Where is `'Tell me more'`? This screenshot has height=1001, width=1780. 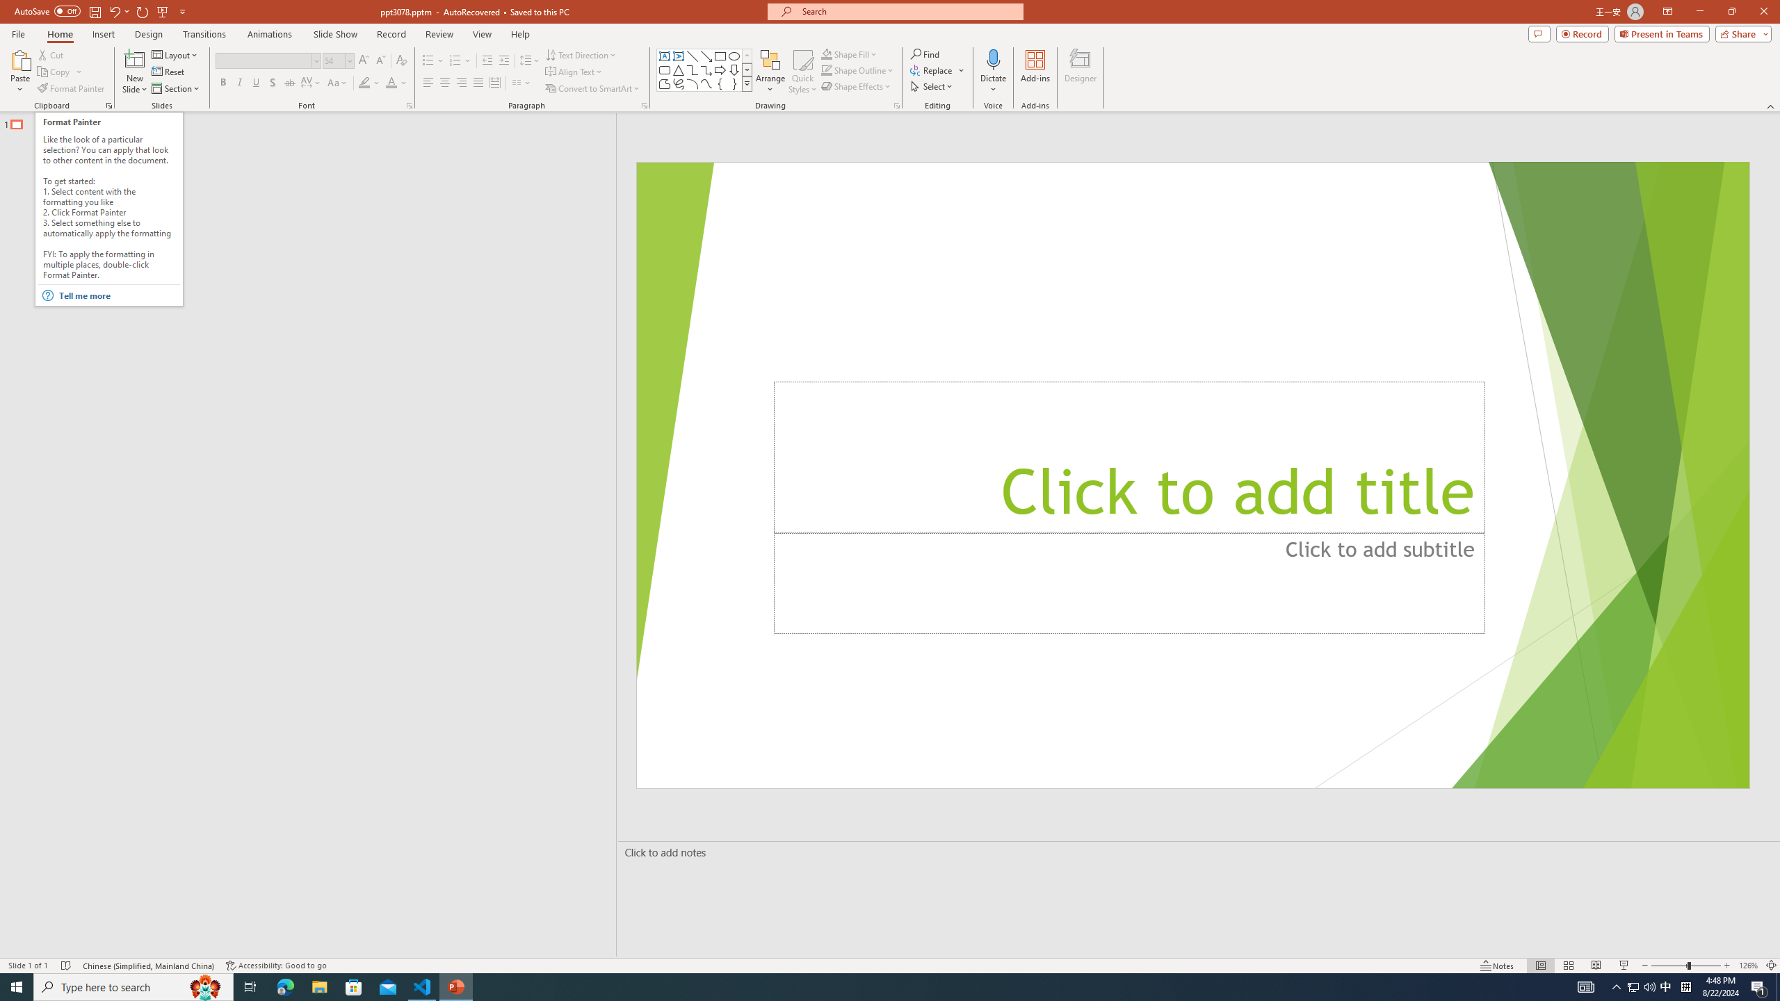
'Tell me more' is located at coordinates (118, 295).